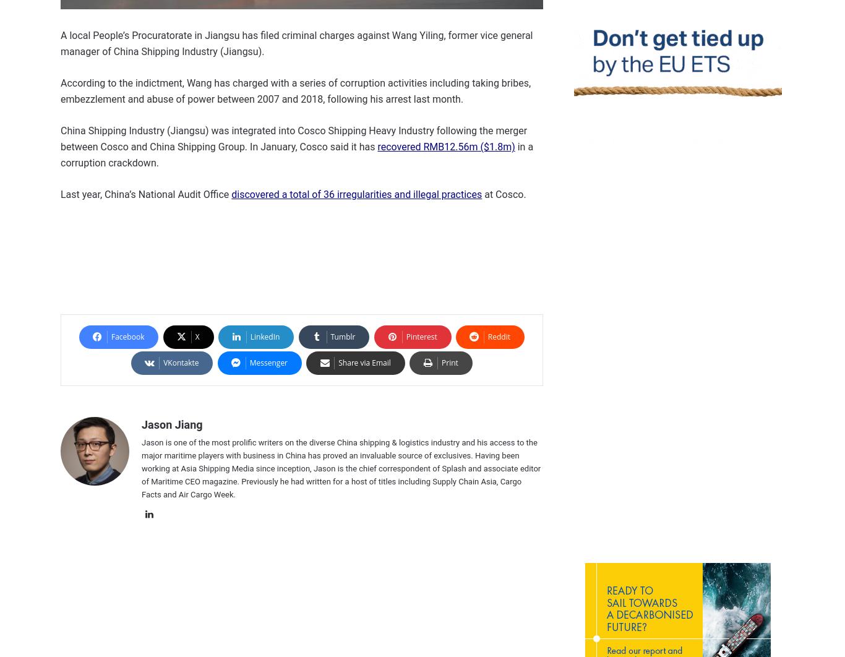  I want to click on 'Jason Jiang', so click(171, 424).